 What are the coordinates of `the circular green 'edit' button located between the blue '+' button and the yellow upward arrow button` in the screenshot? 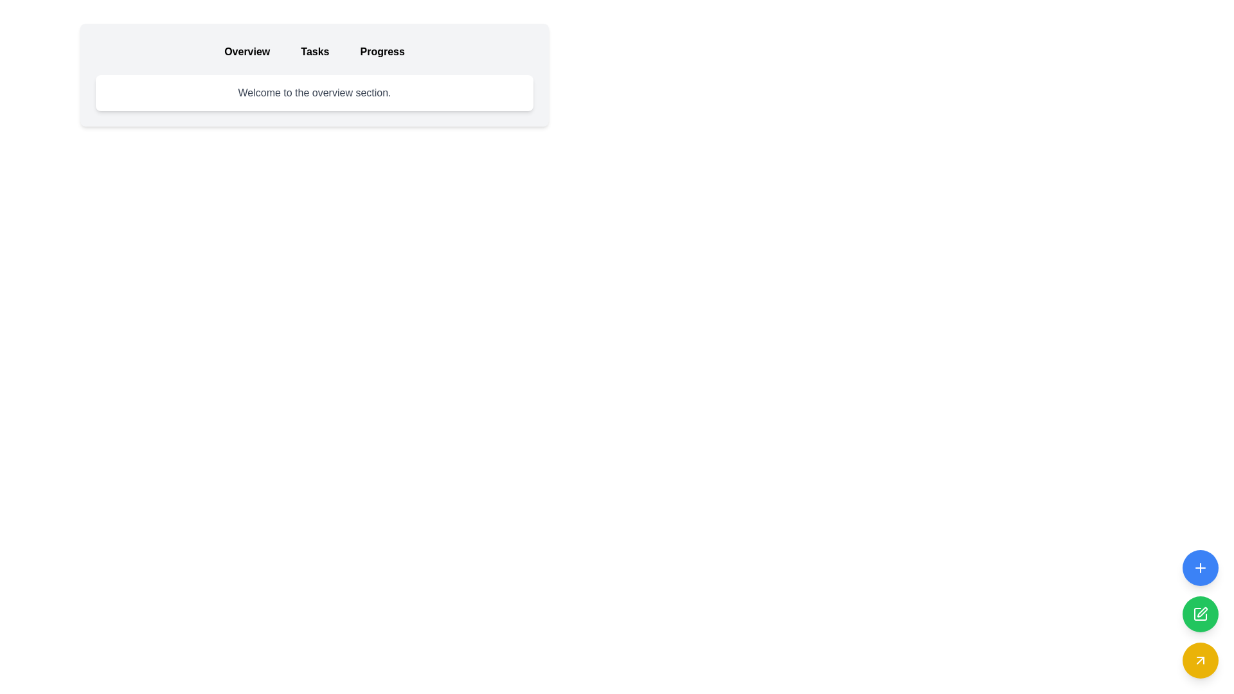 It's located at (1201, 611).